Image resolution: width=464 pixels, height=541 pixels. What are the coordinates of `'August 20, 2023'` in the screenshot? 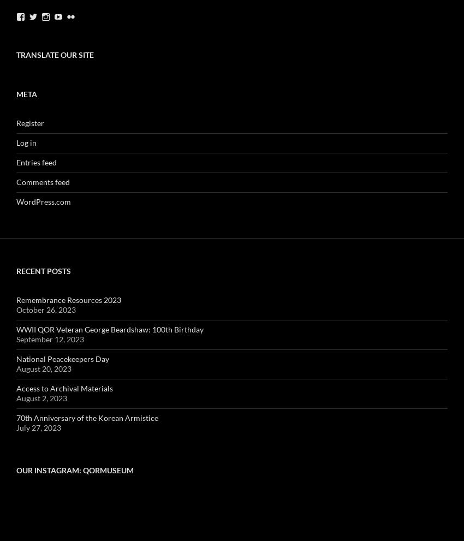 It's located at (16, 368).